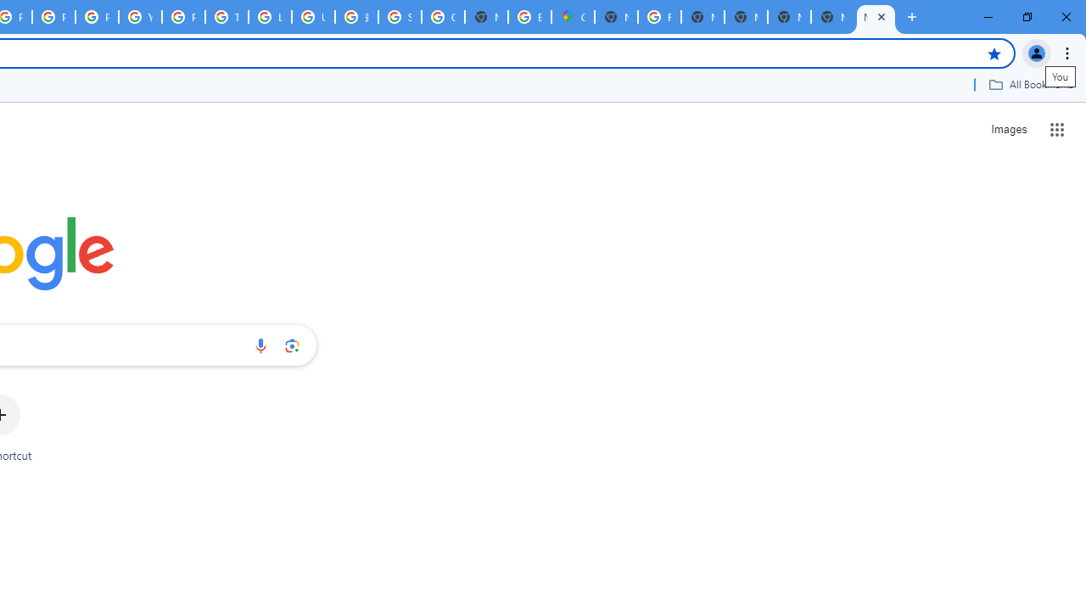 The height and width of the screenshot is (611, 1086). I want to click on 'Sign in - Google Accounts', so click(399, 17).